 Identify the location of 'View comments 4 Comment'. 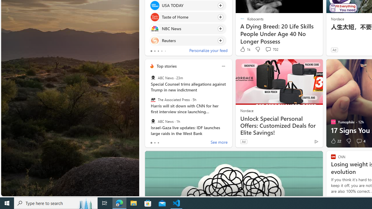
(359, 141).